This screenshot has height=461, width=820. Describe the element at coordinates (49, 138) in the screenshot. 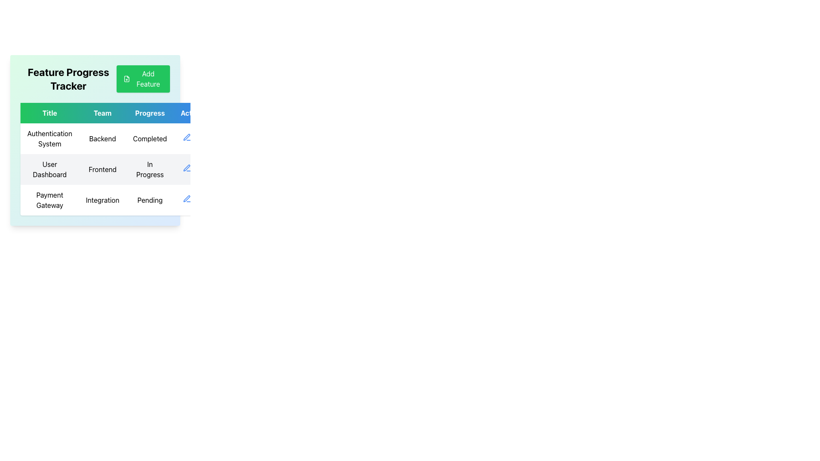

I see `text displayed in the first table cell of the 'Title' column, which is positioned next to the 'Backend' entry in the 'Team' column` at that location.